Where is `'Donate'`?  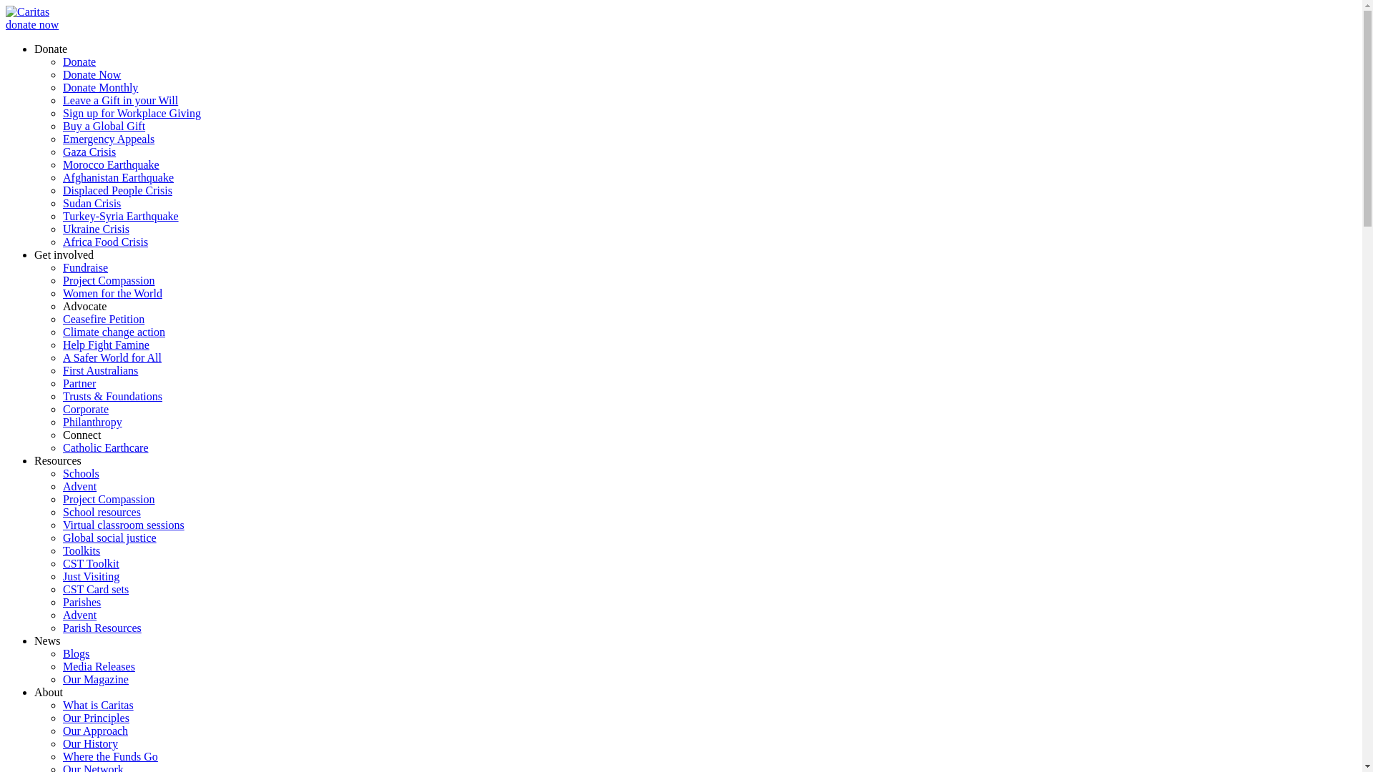
'Donate' is located at coordinates (78, 61).